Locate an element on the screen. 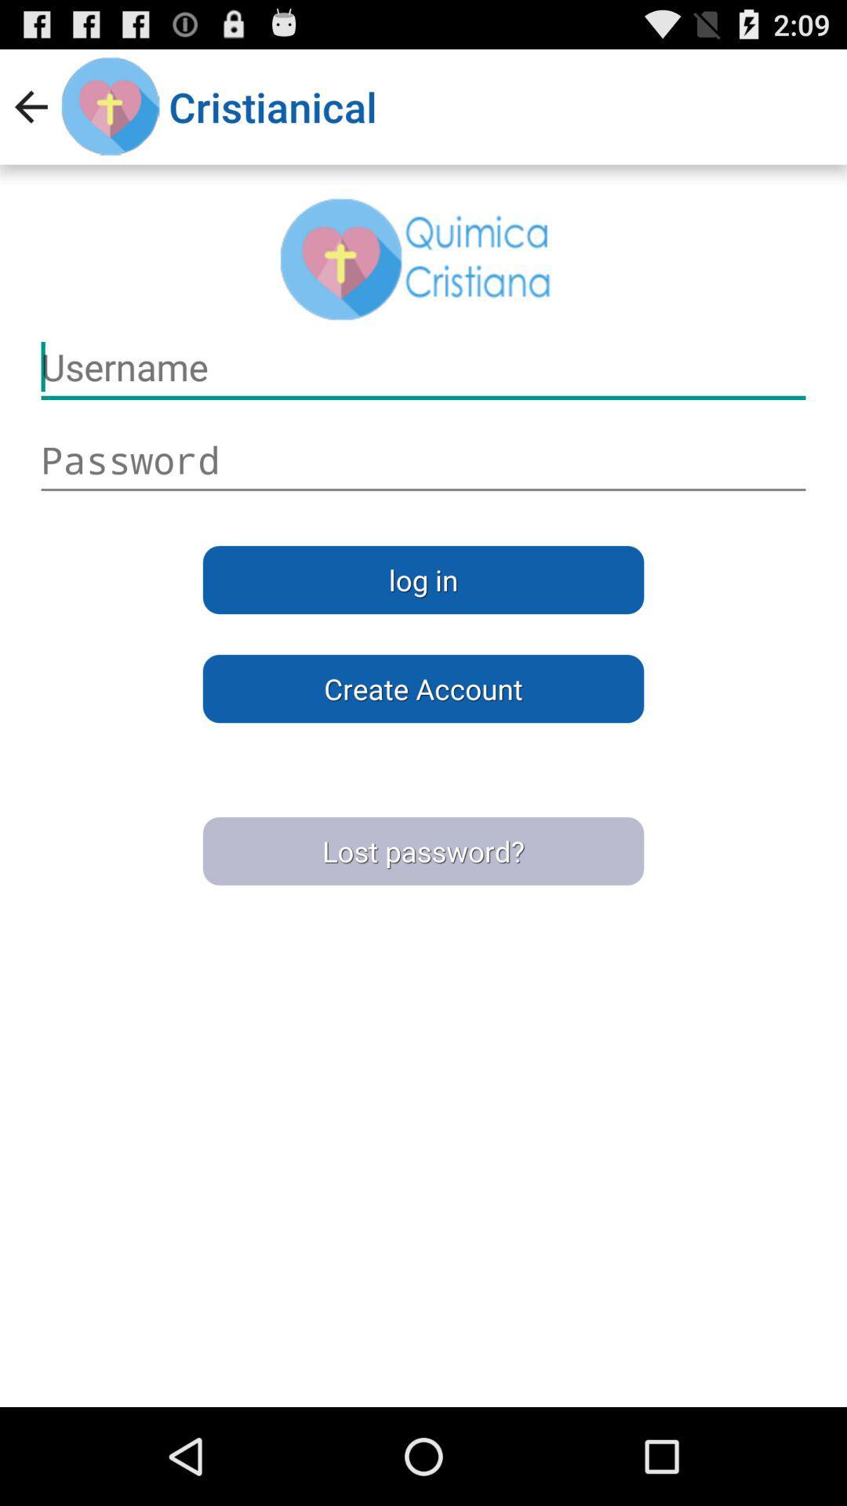 Image resolution: width=847 pixels, height=1506 pixels. the create account item is located at coordinates (423, 689).